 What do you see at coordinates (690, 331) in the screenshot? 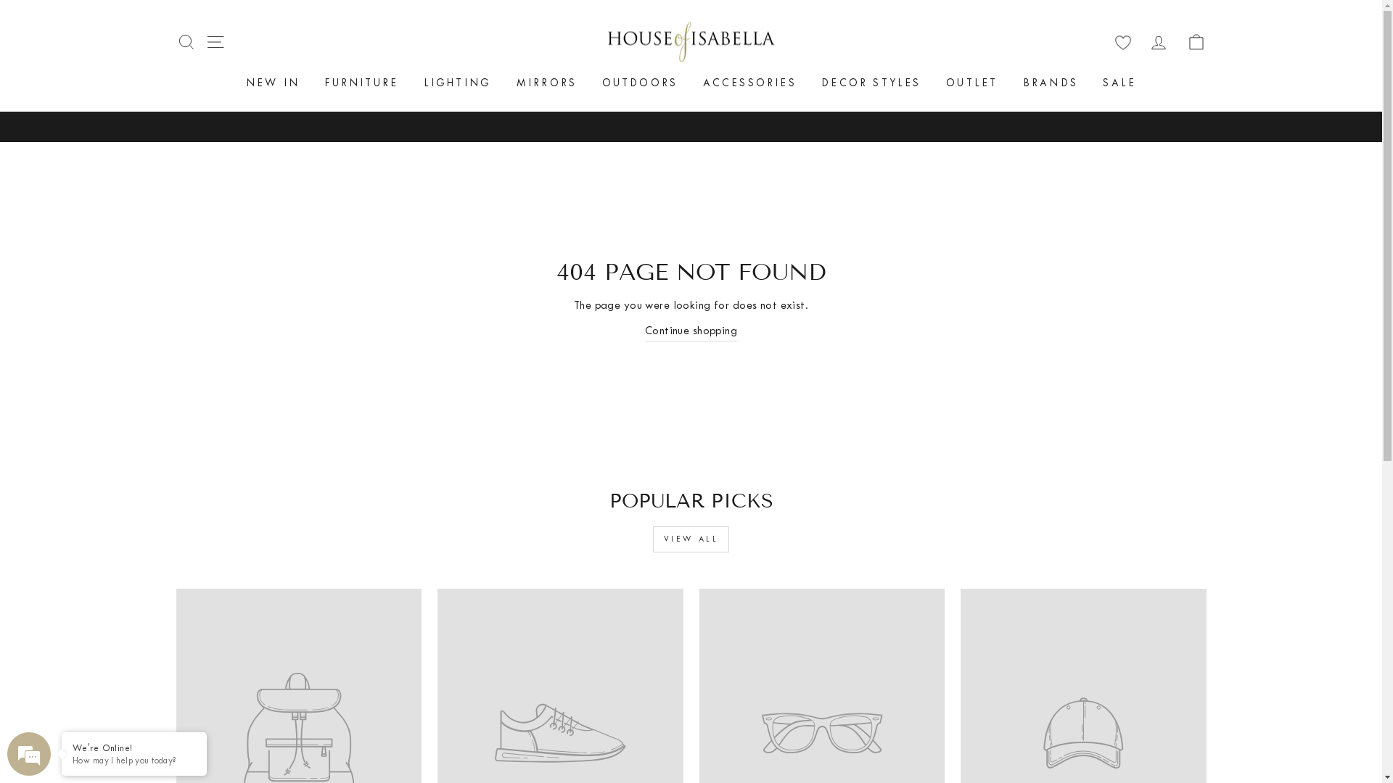
I see `'Continue shopping'` at bounding box center [690, 331].